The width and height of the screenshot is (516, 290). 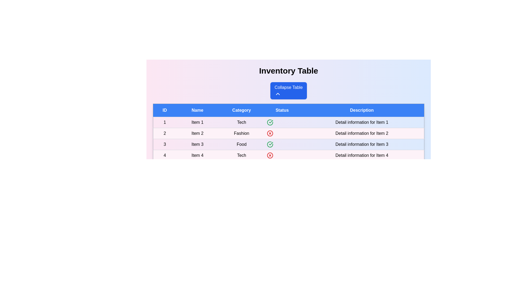 I want to click on 'Collapse Table' button to toggle the table's visibility, so click(x=288, y=90).